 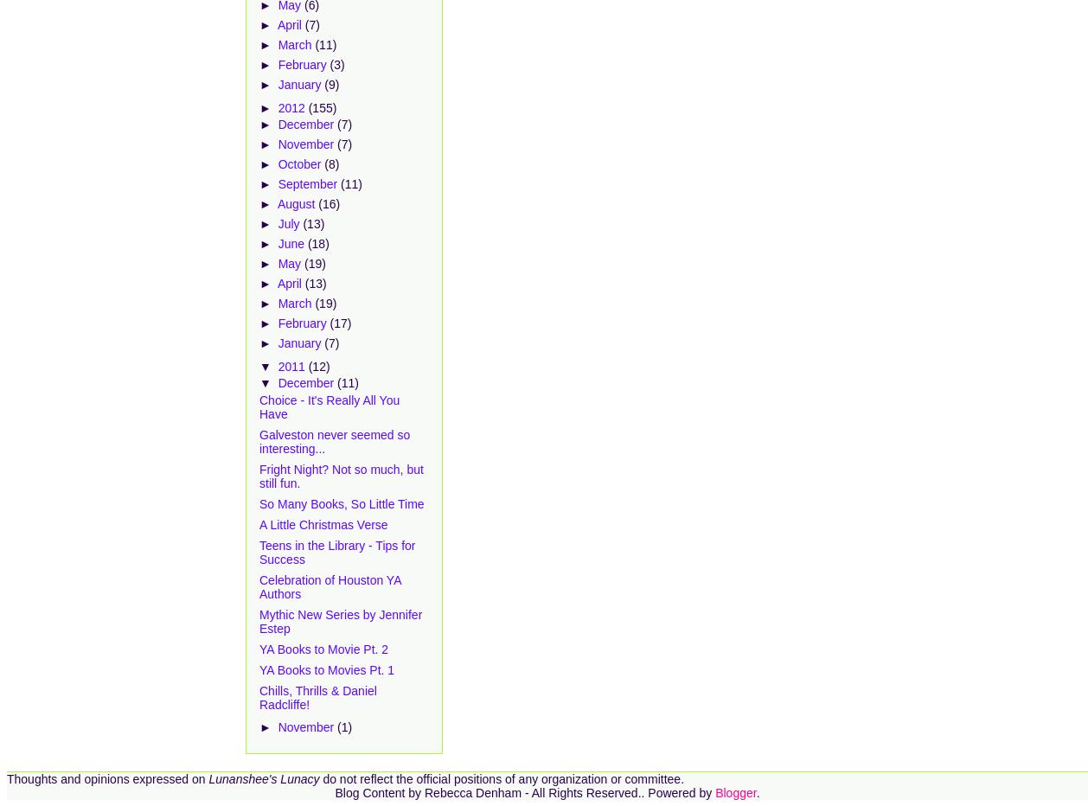 What do you see at coordinates (263, 778) in the screenshot?
I see `'Lunanshee's Lunacy'` at bounding box center [263, 778].